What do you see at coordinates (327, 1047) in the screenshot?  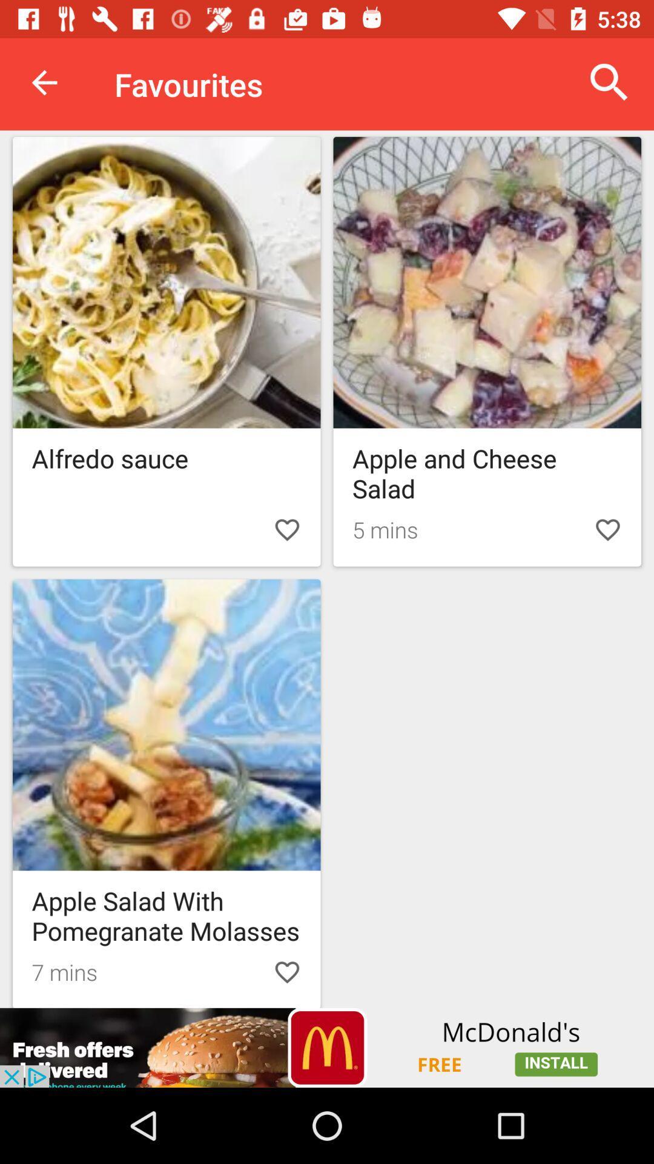 I see `advertisement 's website` at bounding box center [327, 1047].